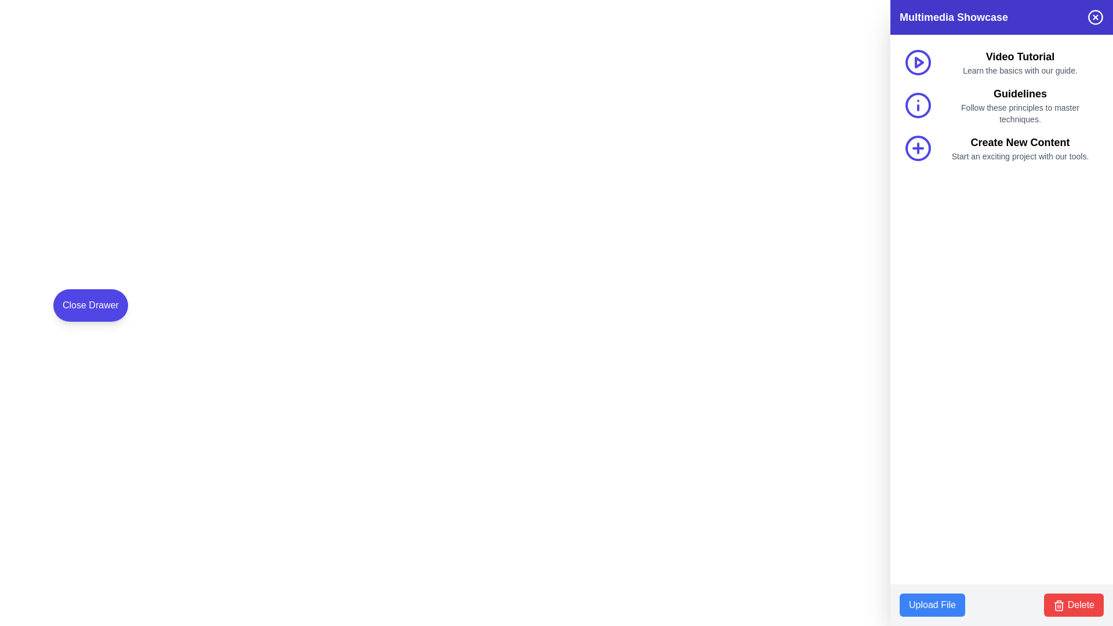 The width and height of the screenshot is (1113, 626). Describe the element at coordinates (1059, 605) in the screenshot. I see `the trash can icon located inside the red 'Delete' button, which features rounded corners and white text, positioned at the bottom-right corner of the interface` at that location.